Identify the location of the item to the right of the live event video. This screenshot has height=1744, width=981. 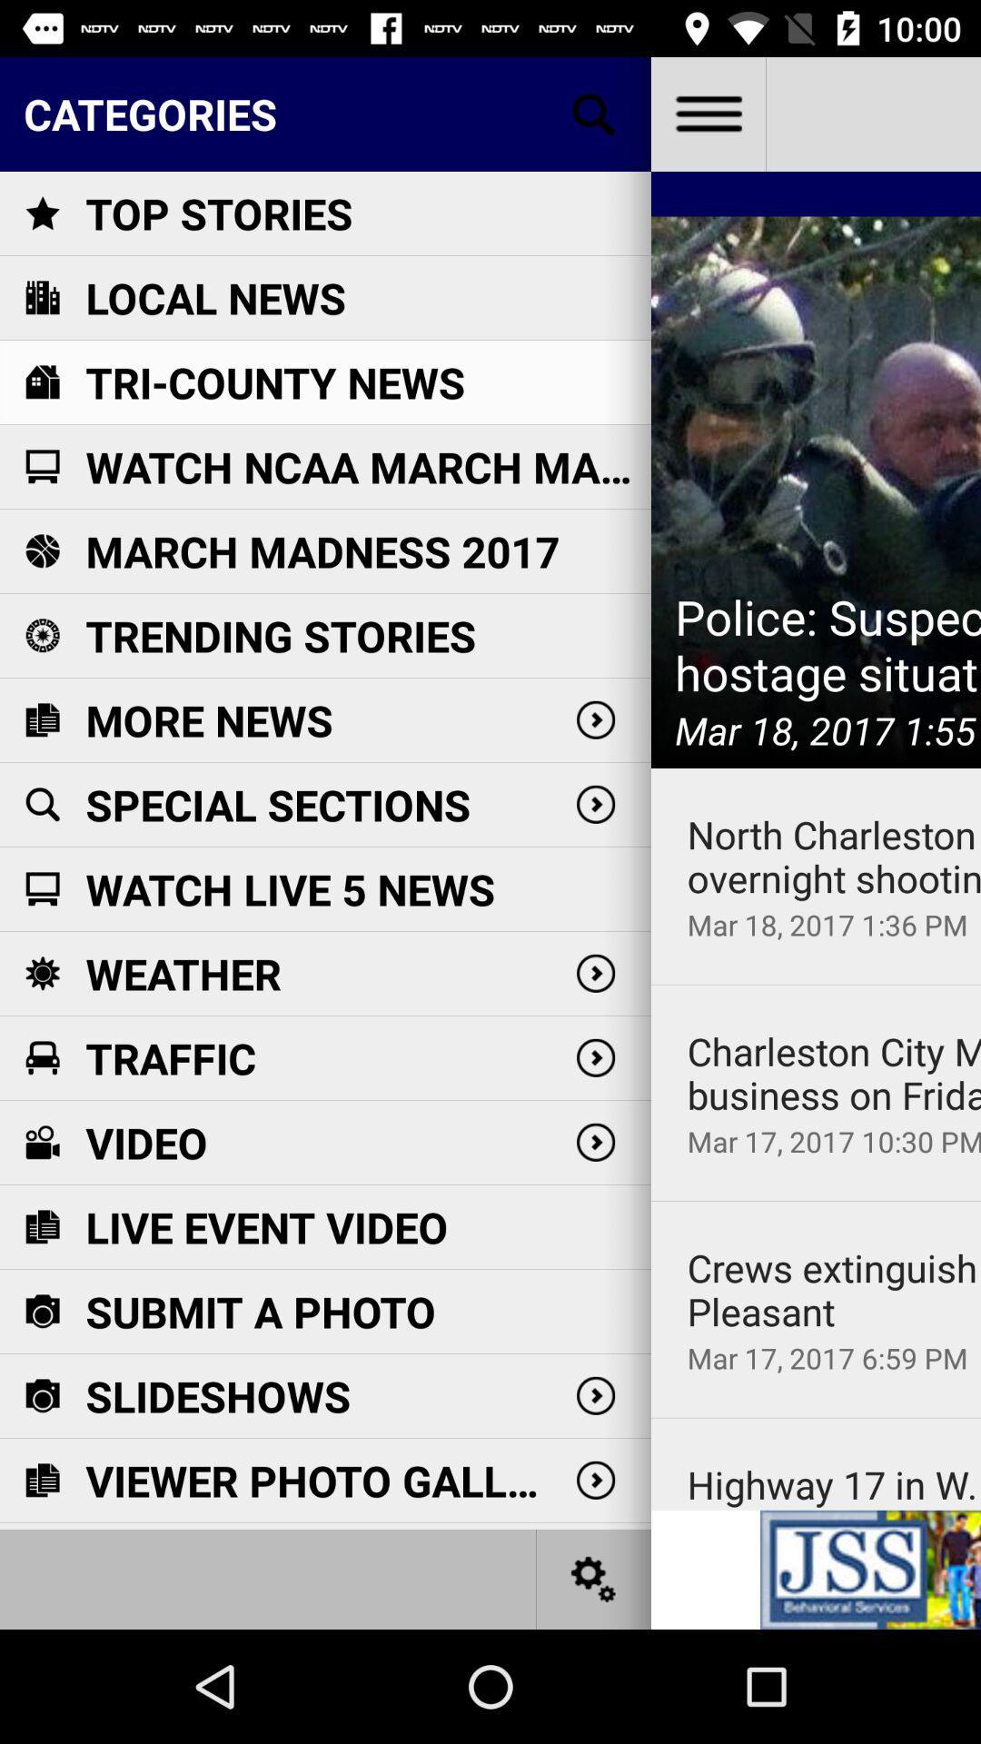
(834, 1289).